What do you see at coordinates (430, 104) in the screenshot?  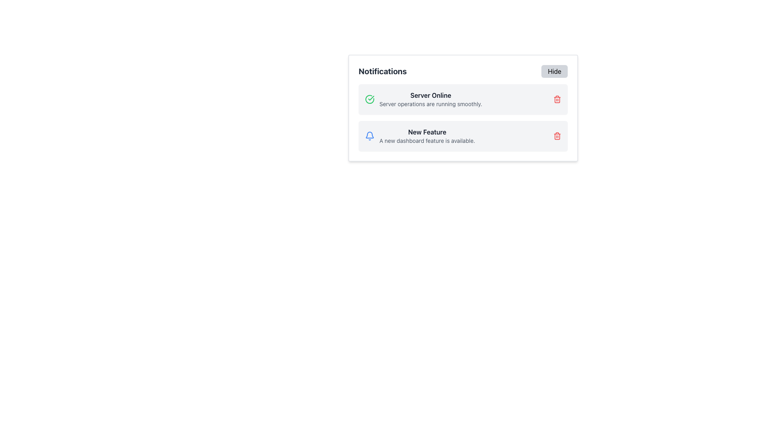 I see `the text element displaying 'Server operations are running smoothly.' located beneath the 'Server Online' title in the first notification card` at bounding box center [430, 104].